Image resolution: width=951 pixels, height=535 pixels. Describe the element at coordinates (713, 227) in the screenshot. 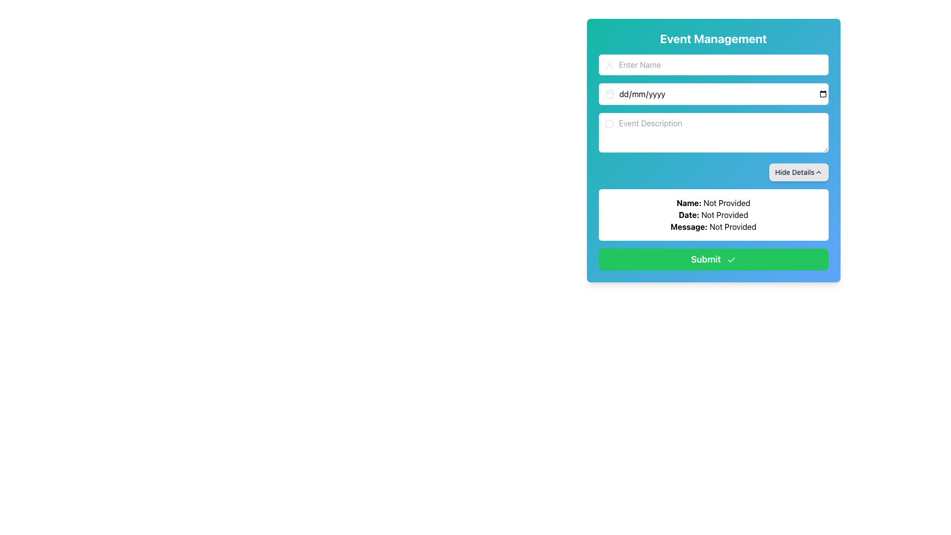

I see `the static text label displaying 'Message: Not Provided' which is the third text line in a group of labels, located above the green 'Submit' button` at that location.